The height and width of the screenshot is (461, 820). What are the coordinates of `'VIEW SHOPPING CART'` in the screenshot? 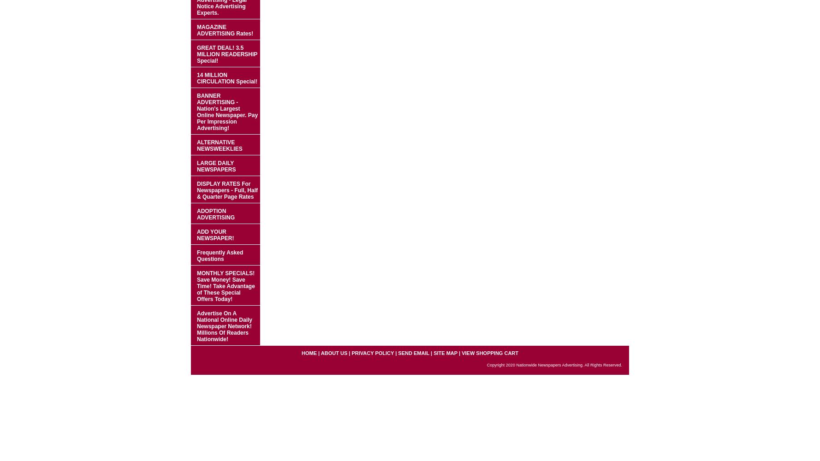 It's located at (490, 353).